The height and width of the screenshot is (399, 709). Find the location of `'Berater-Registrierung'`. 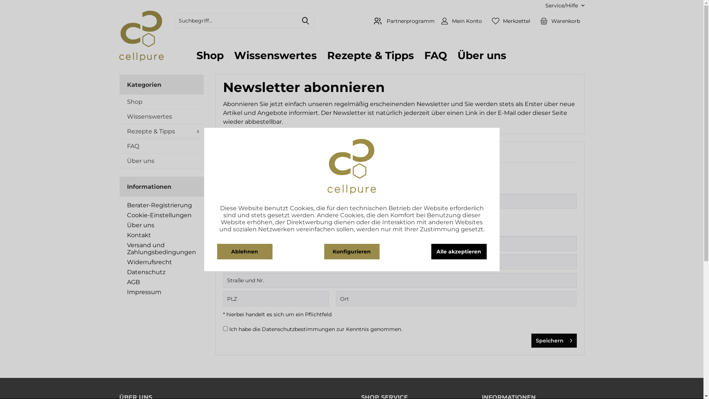

'Berater-Registrierung' is located at coordinates (161, 205).